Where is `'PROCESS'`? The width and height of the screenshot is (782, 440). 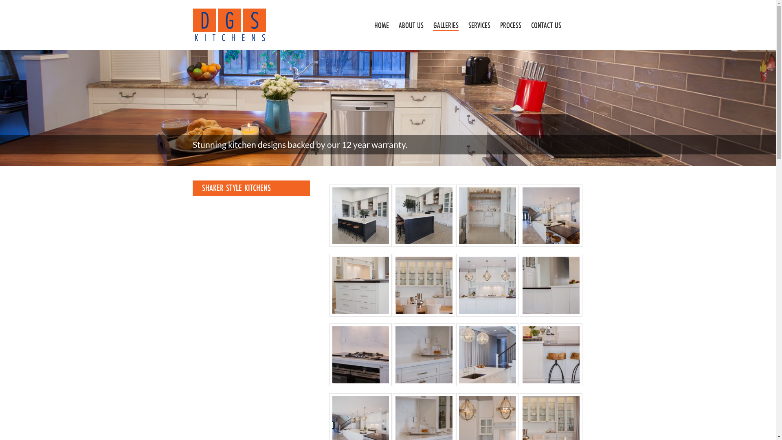
'PROCESS' is located at coordinates (500, 24).